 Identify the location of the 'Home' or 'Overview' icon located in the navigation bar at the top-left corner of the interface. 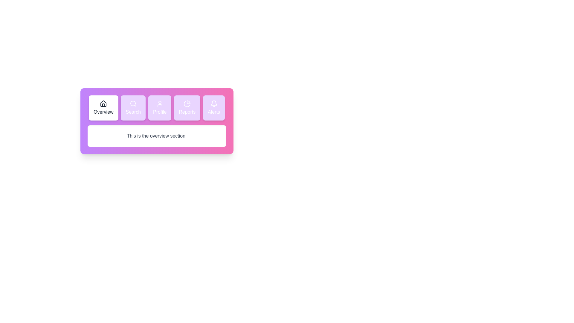
(103, 103).